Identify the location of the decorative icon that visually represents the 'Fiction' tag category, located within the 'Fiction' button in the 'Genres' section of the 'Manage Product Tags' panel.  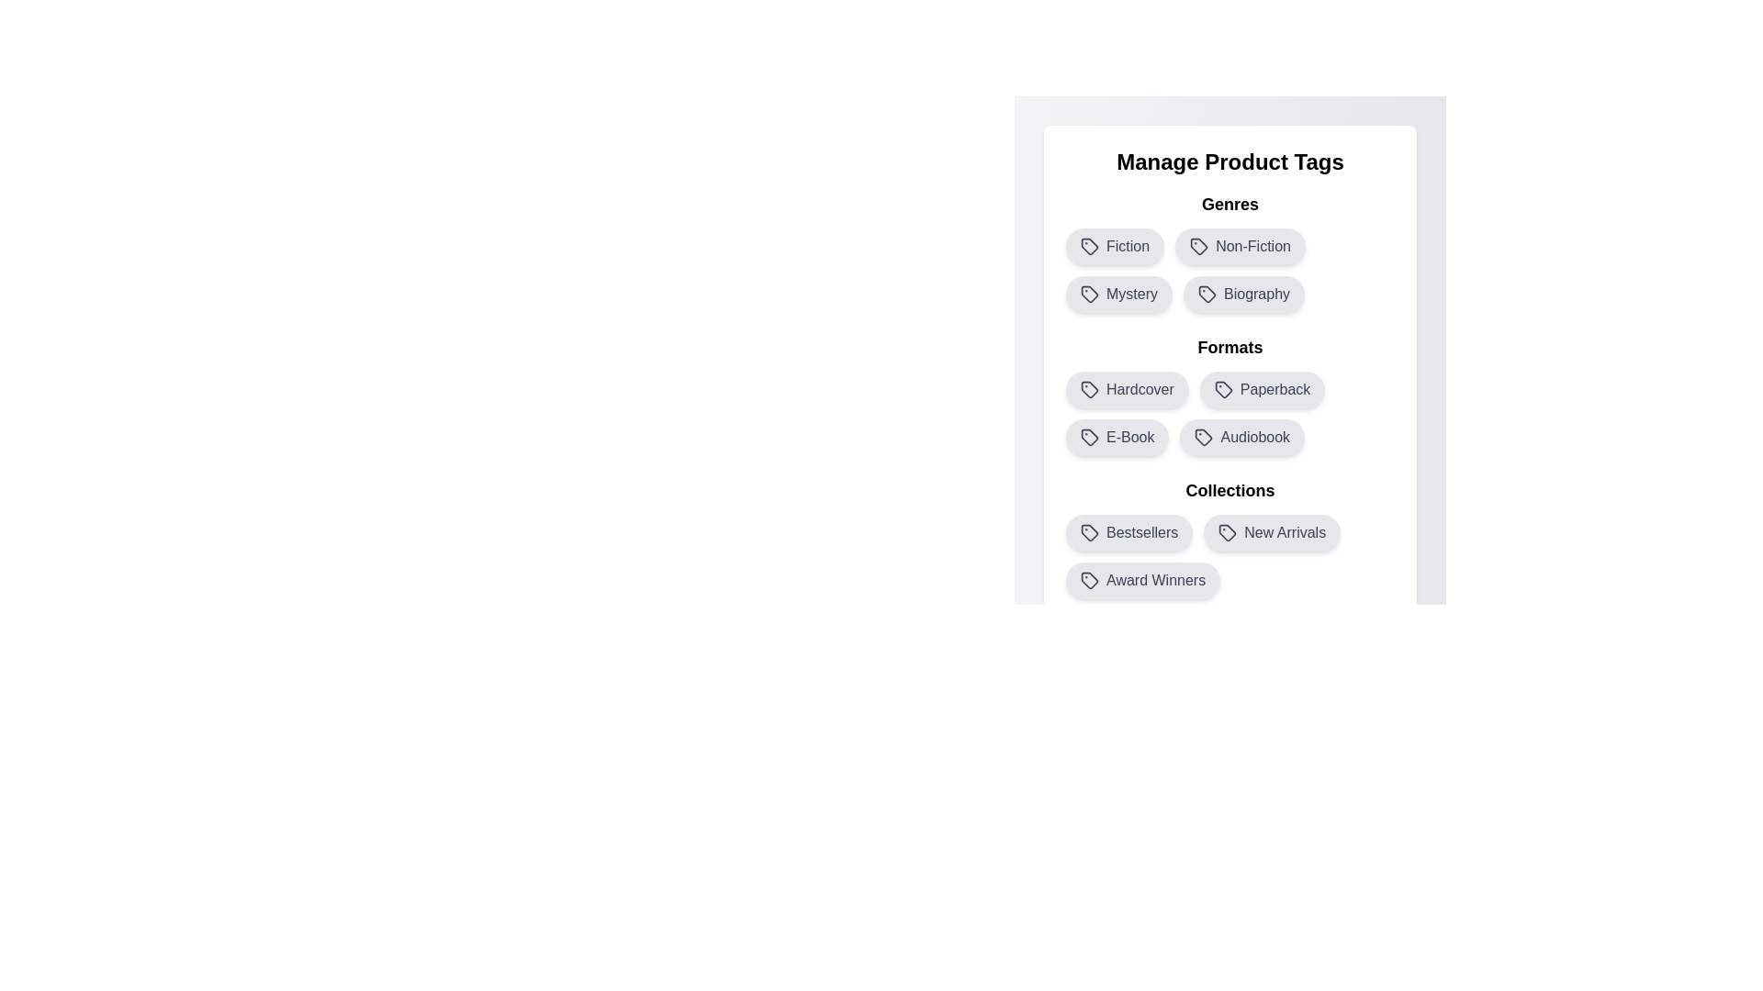
(1089, 246).